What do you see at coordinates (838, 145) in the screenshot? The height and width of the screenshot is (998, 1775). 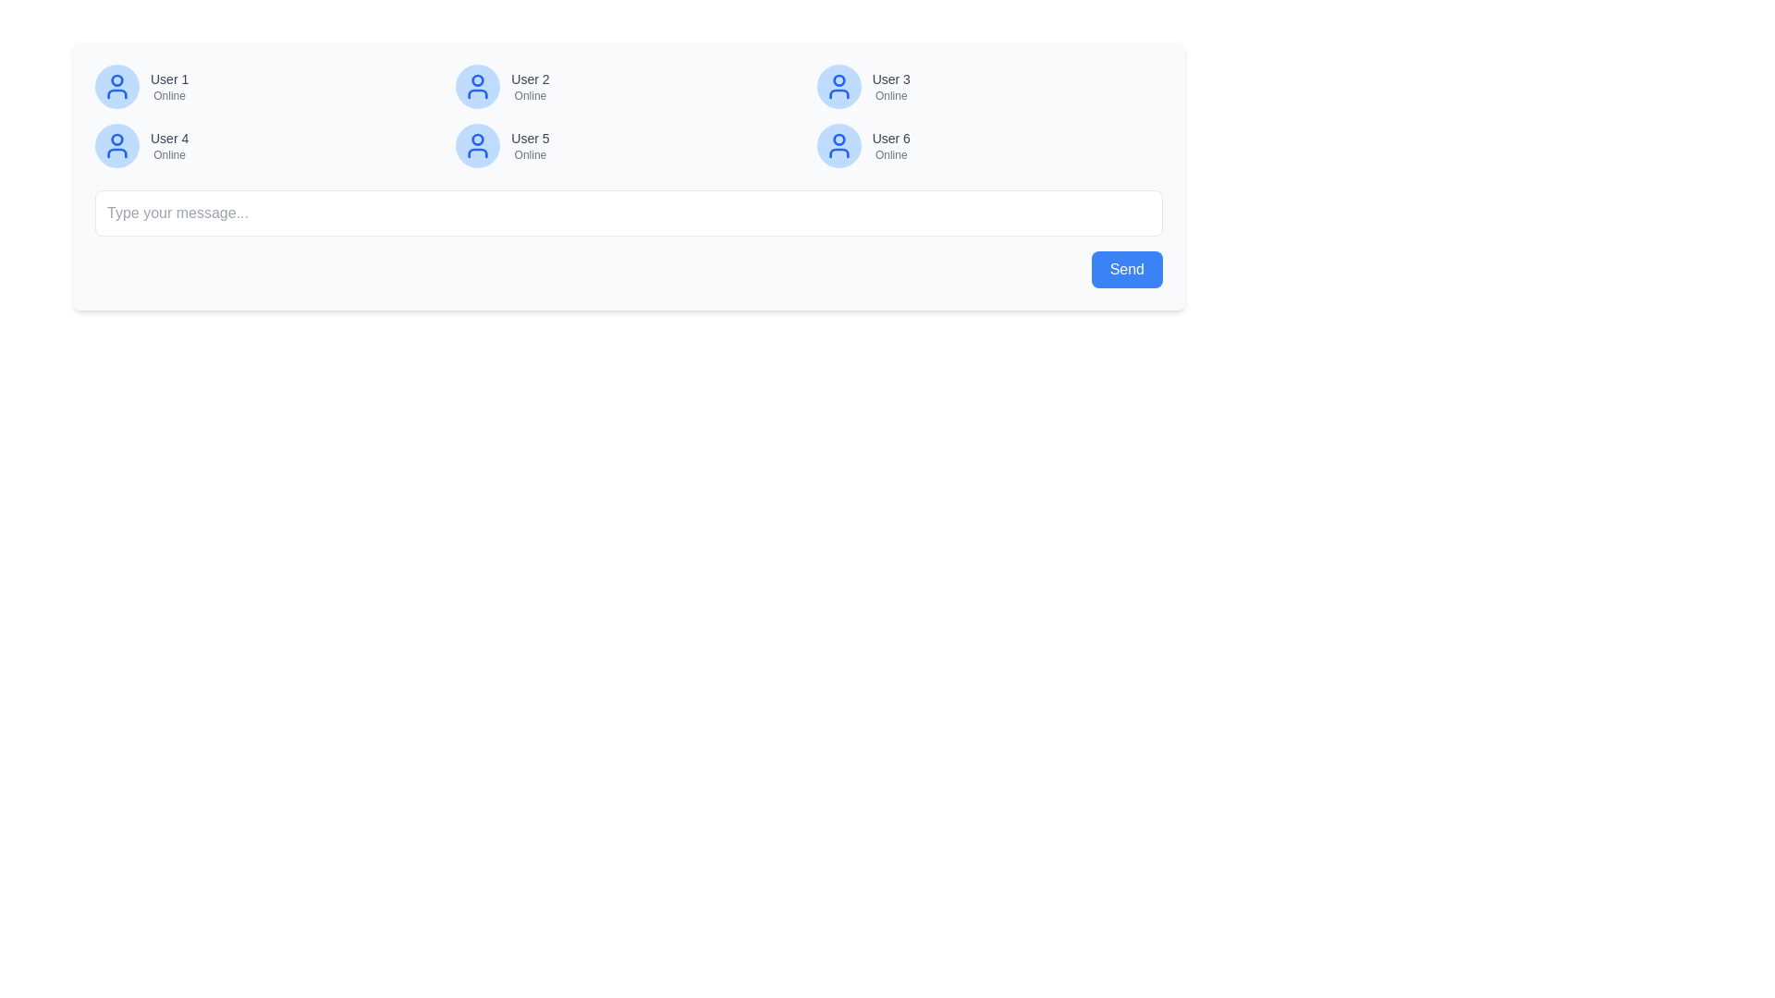 I see `the sixth user icon, which depicts a stylized user silhouette in blue with a circular border, located in the second row and third column of a 2x3 grid` at bounding box center [838, 145].